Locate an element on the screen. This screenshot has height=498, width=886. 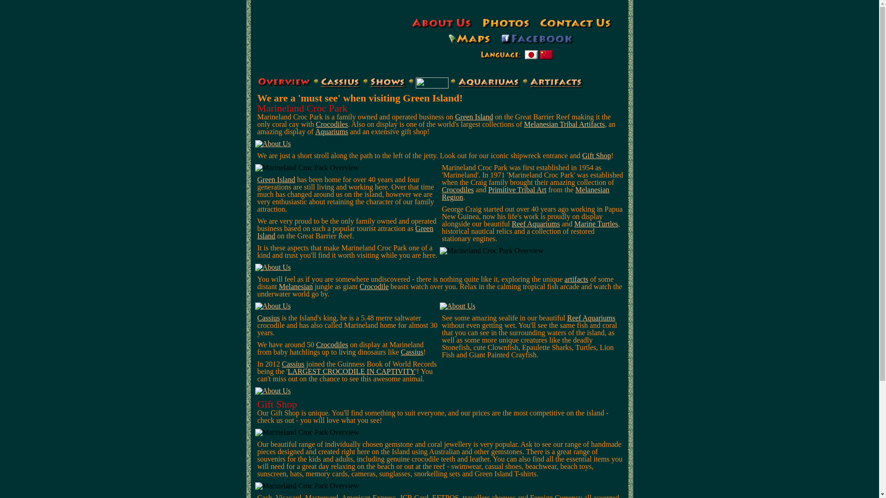
'Crocodiles' is located at coordinates (332, 344).